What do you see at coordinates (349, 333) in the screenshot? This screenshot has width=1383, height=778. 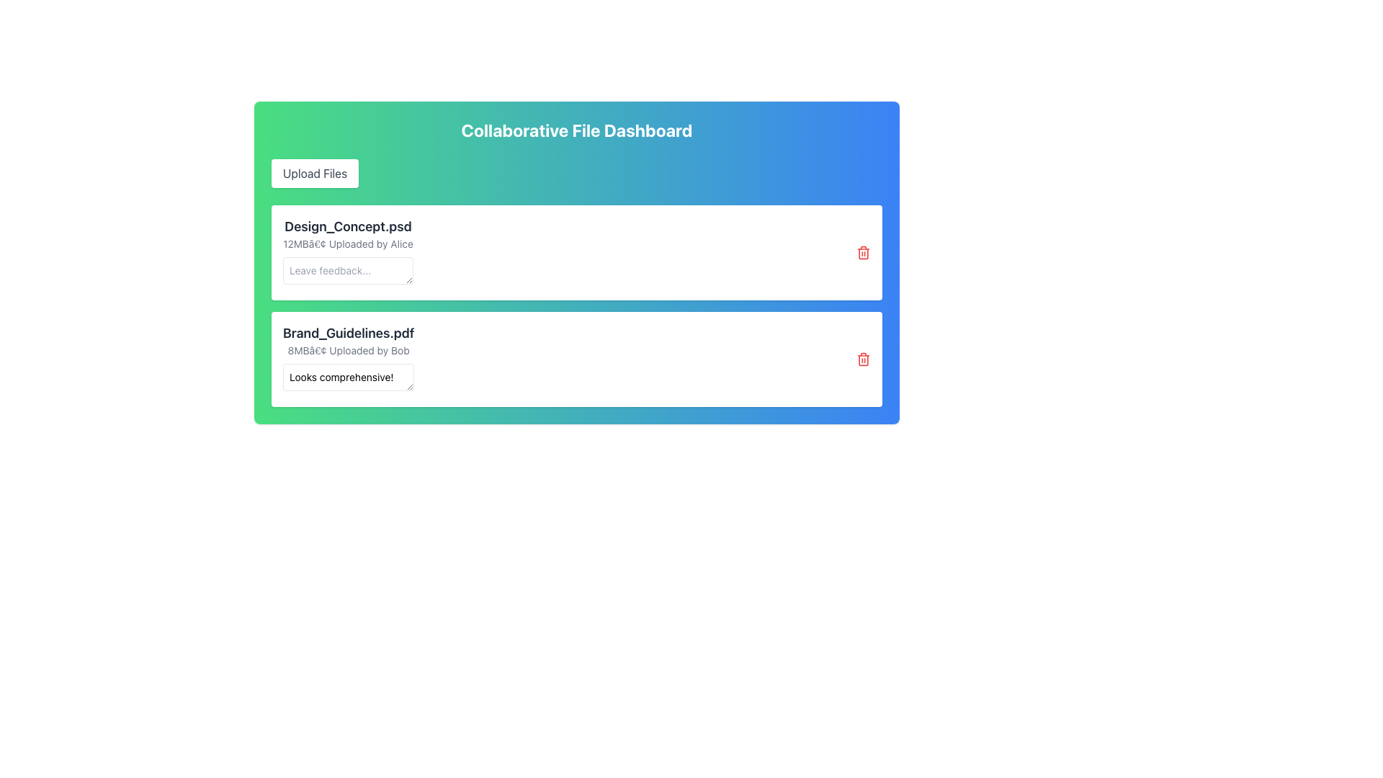 I see `the text element displaying 'Brand_Guidelines.pdf' located` at bounding box center [349, 333].